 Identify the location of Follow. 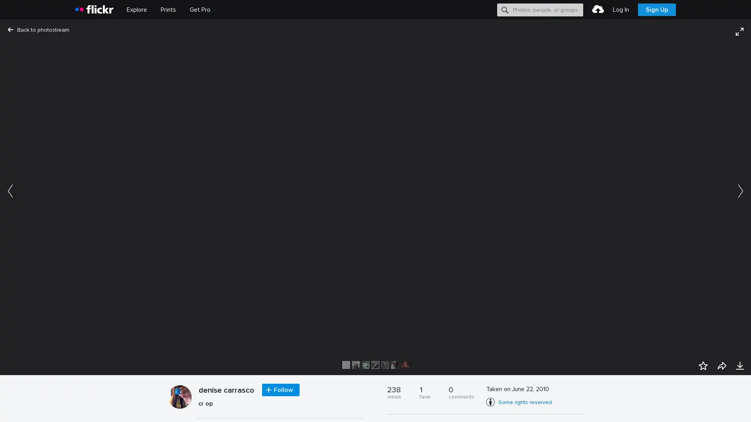
(281, 390).